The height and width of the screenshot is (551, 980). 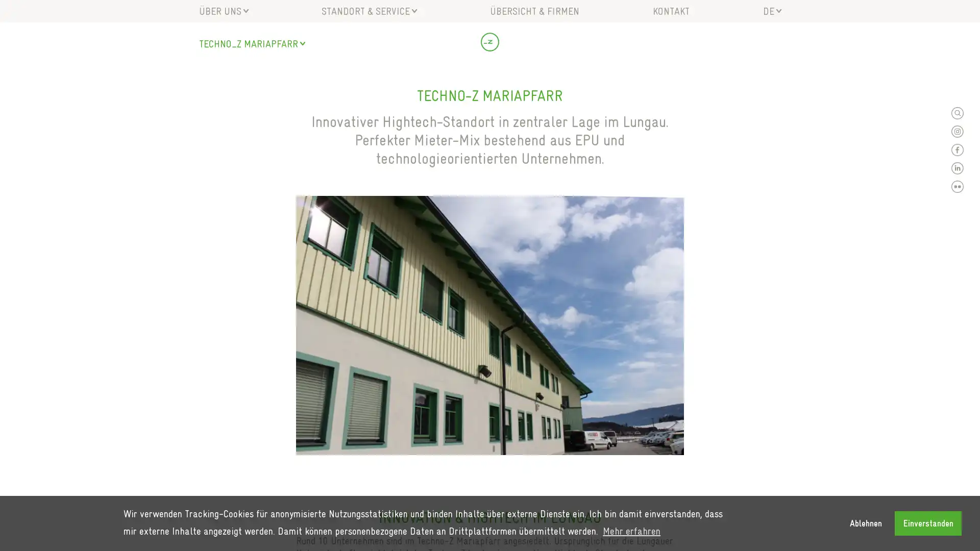 I want to click on allow cookies, so click(x=928, y=523).